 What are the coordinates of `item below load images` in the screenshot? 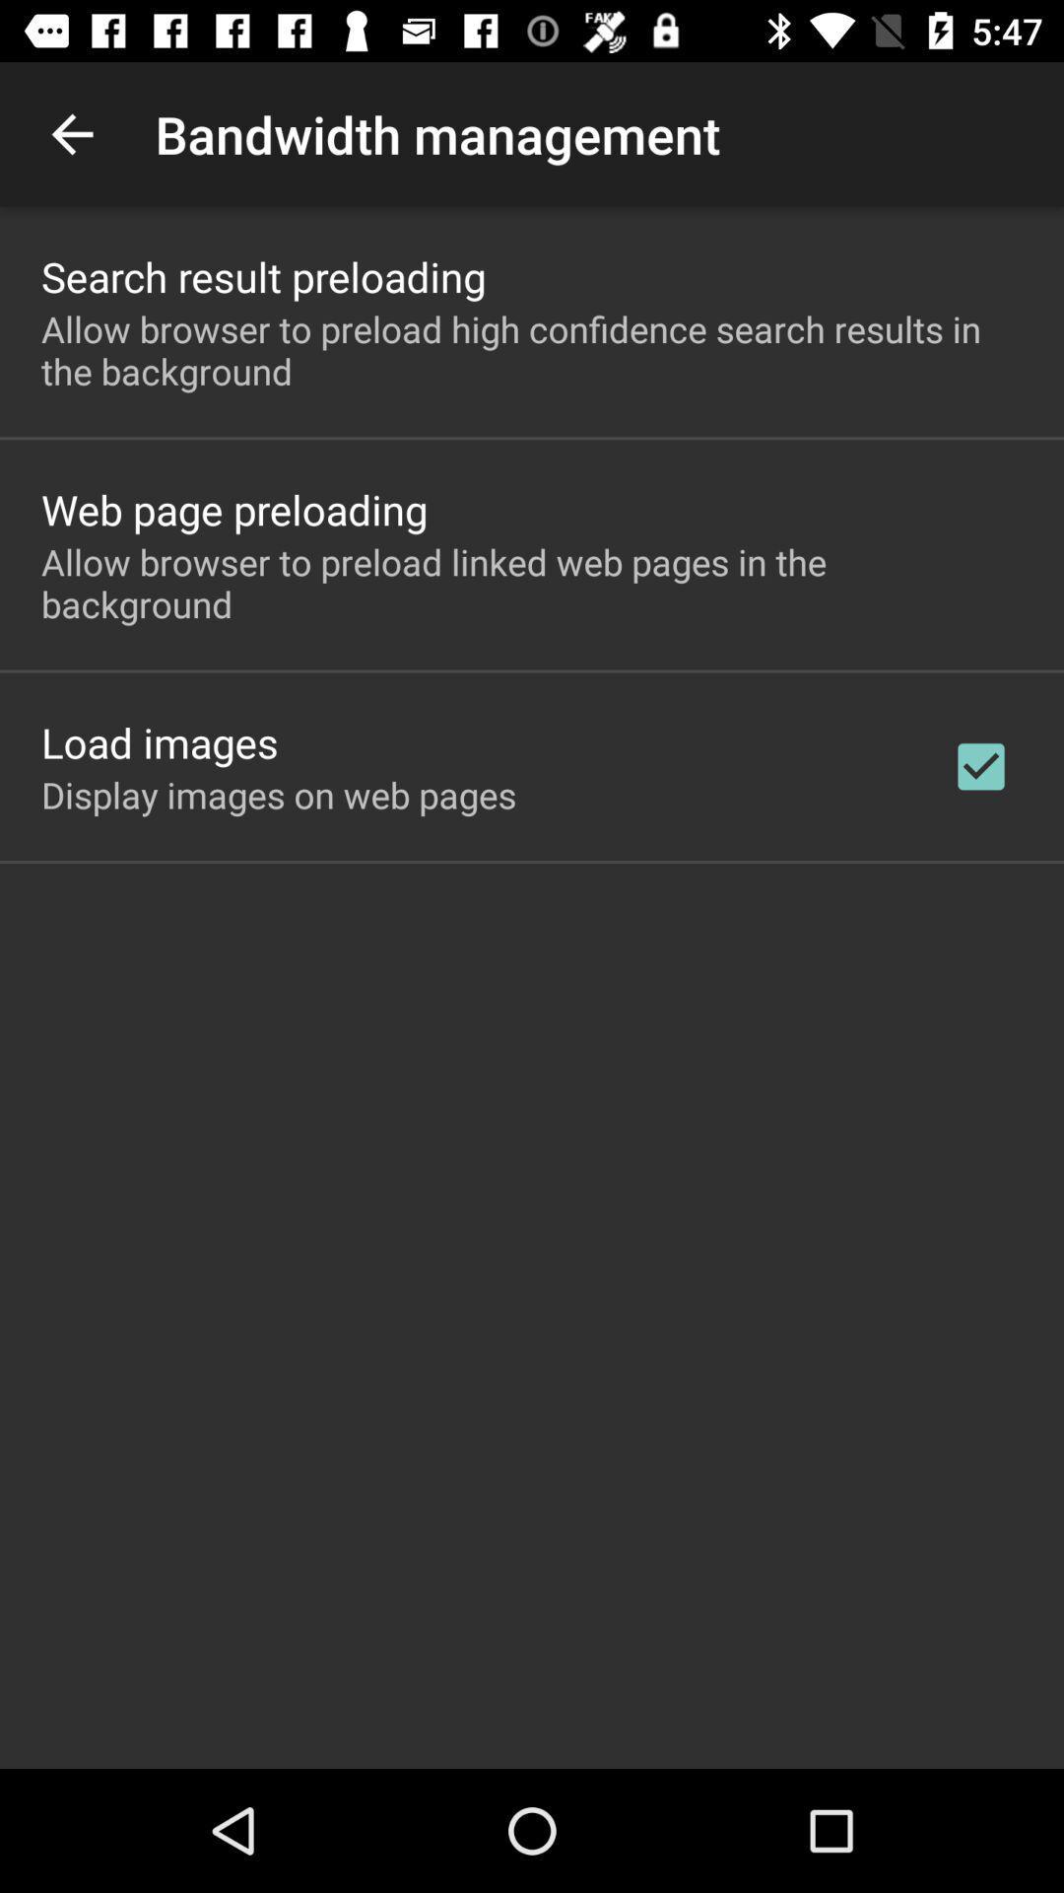 It's located at (279, 795).